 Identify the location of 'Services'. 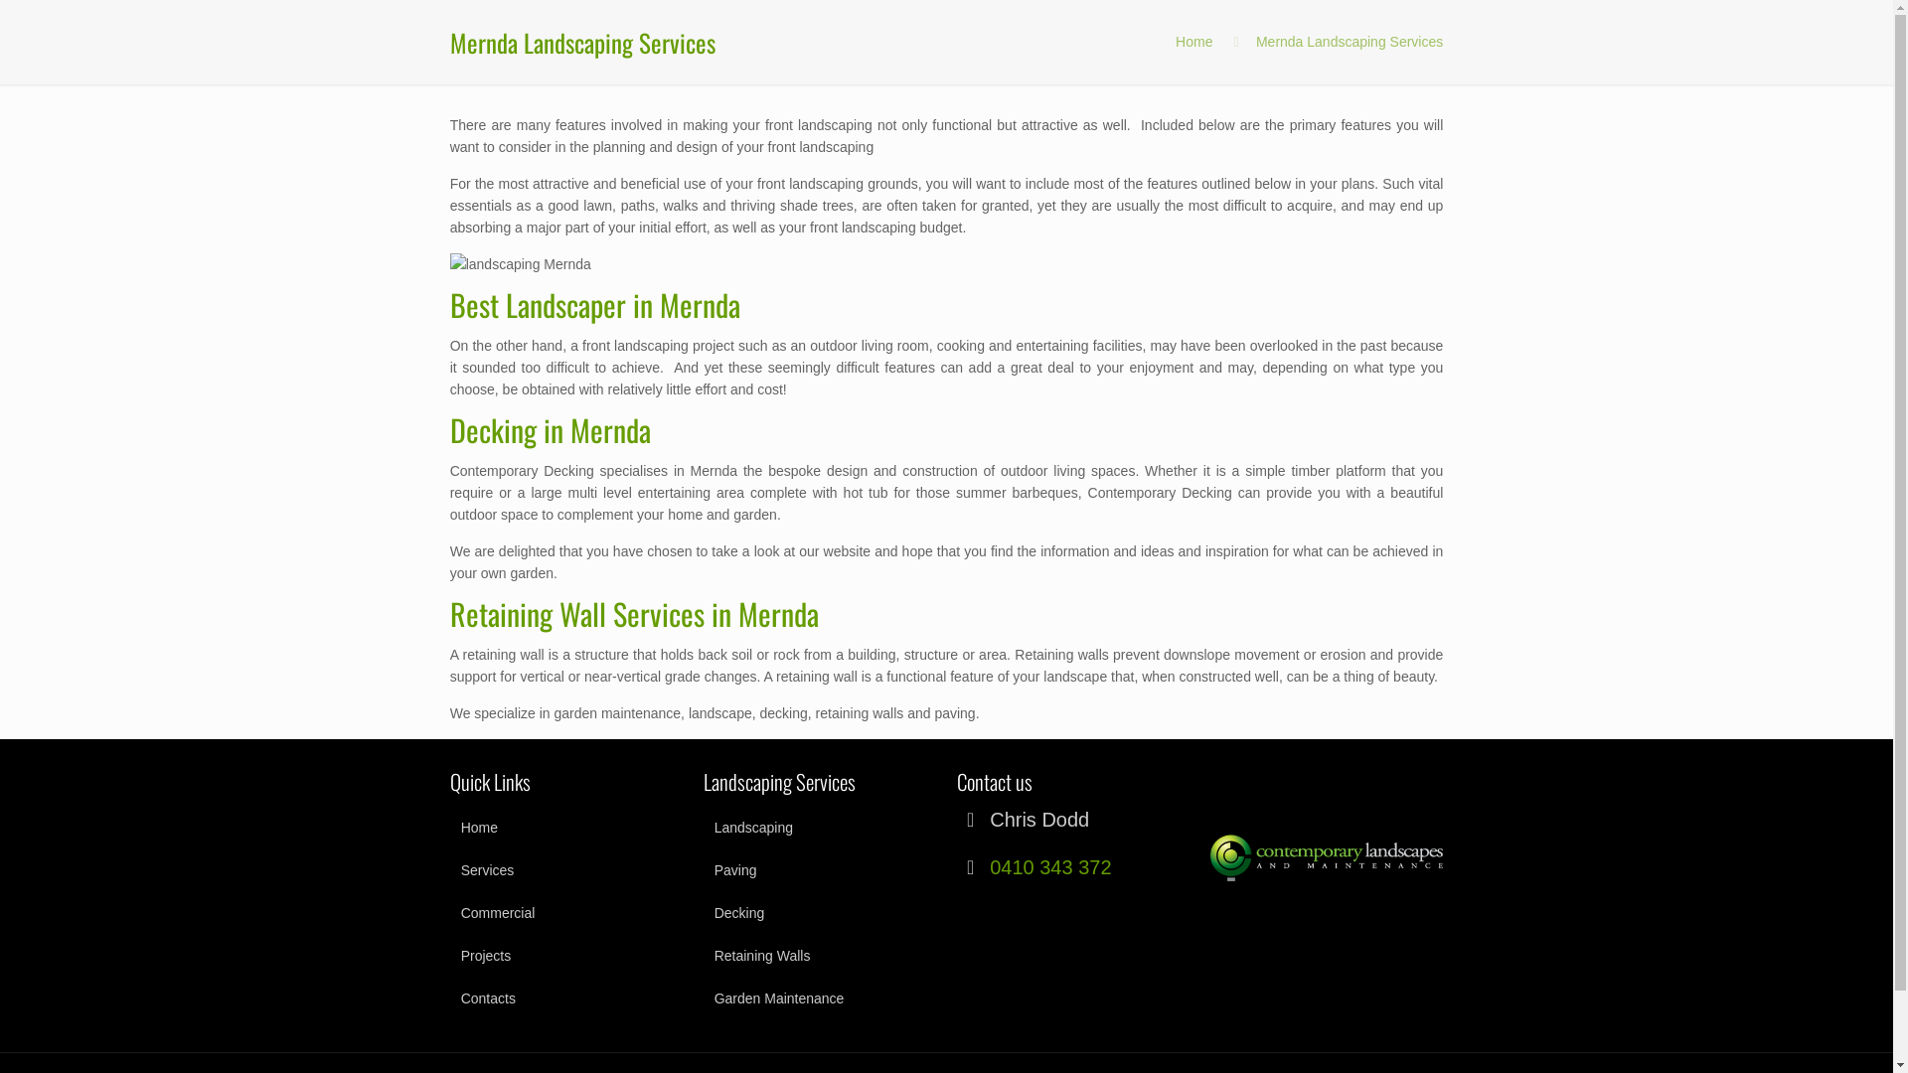
(565, 868).